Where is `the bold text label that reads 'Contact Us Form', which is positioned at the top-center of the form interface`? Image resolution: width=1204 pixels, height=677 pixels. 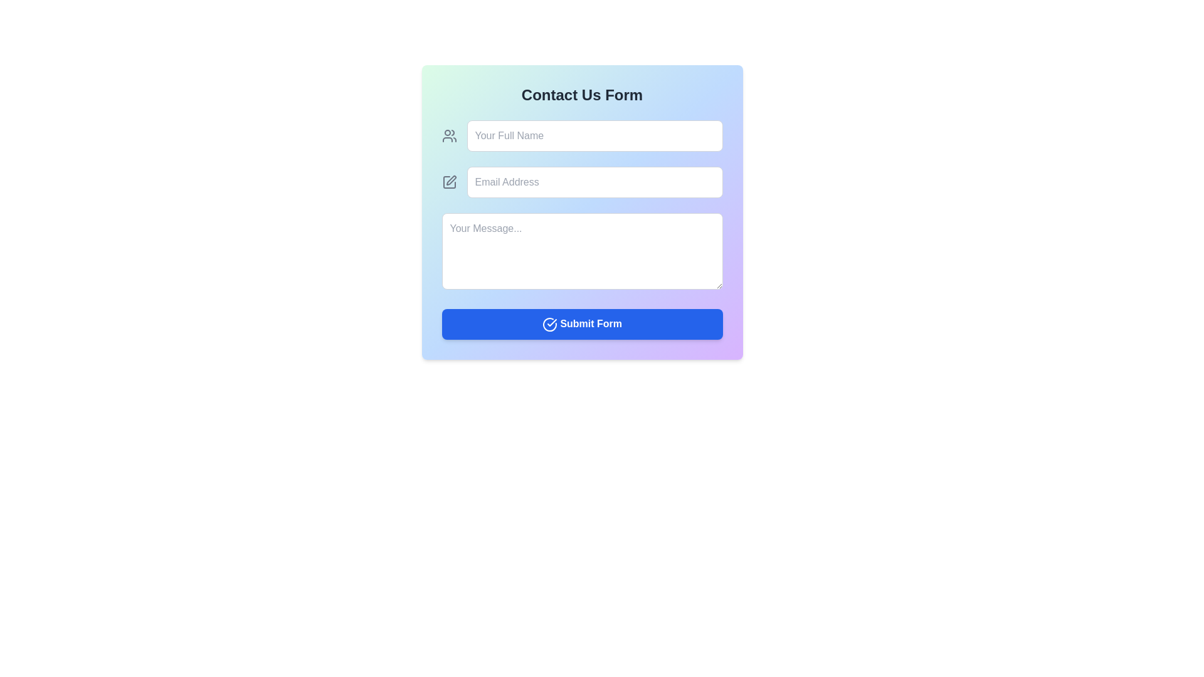 the bold text label that reads 'Contact Us Form', which is positioned at the top-center of the form interface is located at coordinates (581, 94).